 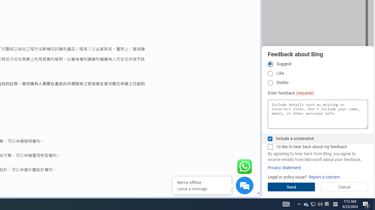 I want to click on 'I', so click(x=270, y=146).